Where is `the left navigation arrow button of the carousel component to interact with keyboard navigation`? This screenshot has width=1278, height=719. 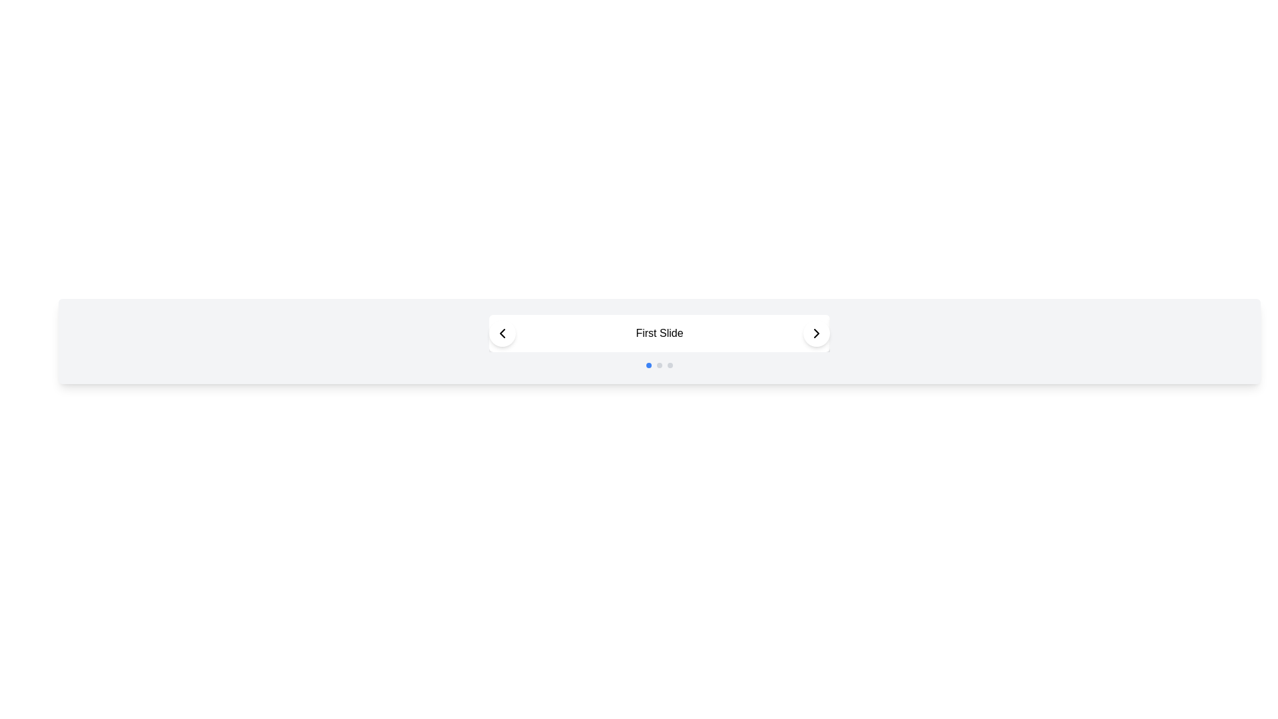 the left navigation arrow button of the carousel component to interact with keyboard navigation is located at coordinates (501, 333).